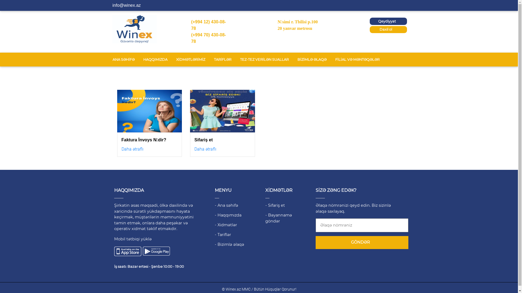  I want to click on 'Qeydiyyat', so click(369, 21).